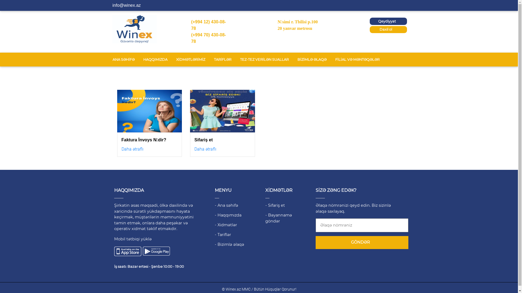  I want to click on 'Qeydiyyat', so click(369, 21).